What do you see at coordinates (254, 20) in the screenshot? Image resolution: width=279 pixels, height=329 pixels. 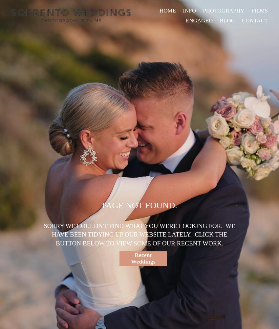 I see `'CONTACT'` at bounding box center [254, 20].